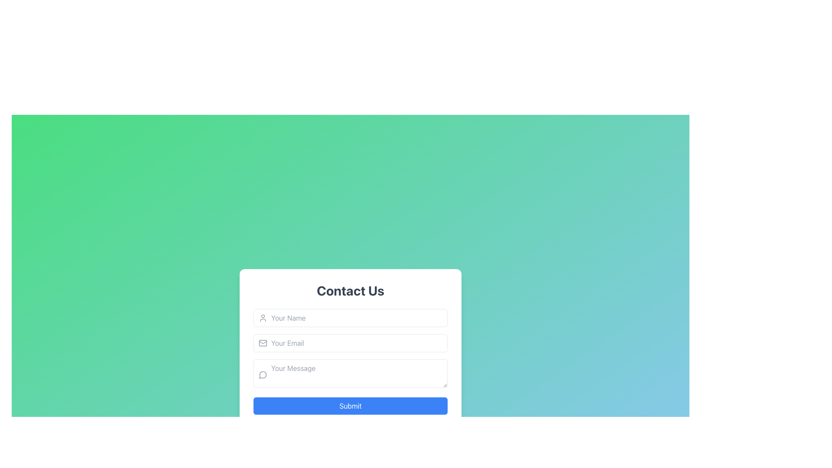 This screenshot has height=468, width=832. What do you see at coordinates (351, 342) in the screenshot?
I see `the email input field located below the 'Your Name' field and above the 'Your Message' field in the contact form` at bounding box center [351, 342].